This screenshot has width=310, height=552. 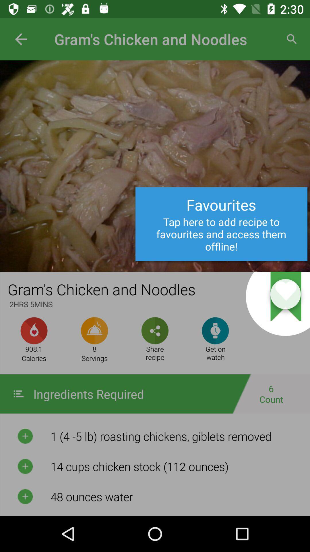 I want to click on the first text below the ingredients required, so click(x=176, y=436).